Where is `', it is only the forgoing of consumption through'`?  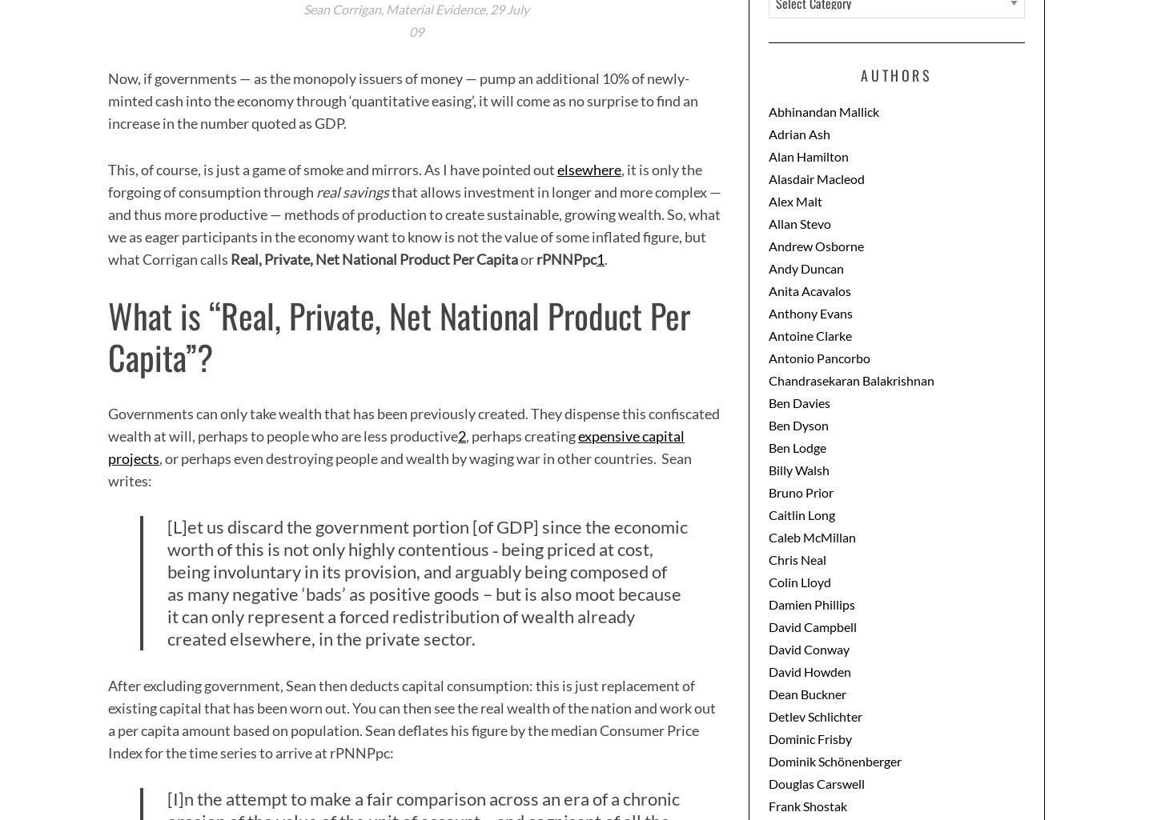 ', it is only the forgoing of consumption through' is located at coordinates (404, 179).